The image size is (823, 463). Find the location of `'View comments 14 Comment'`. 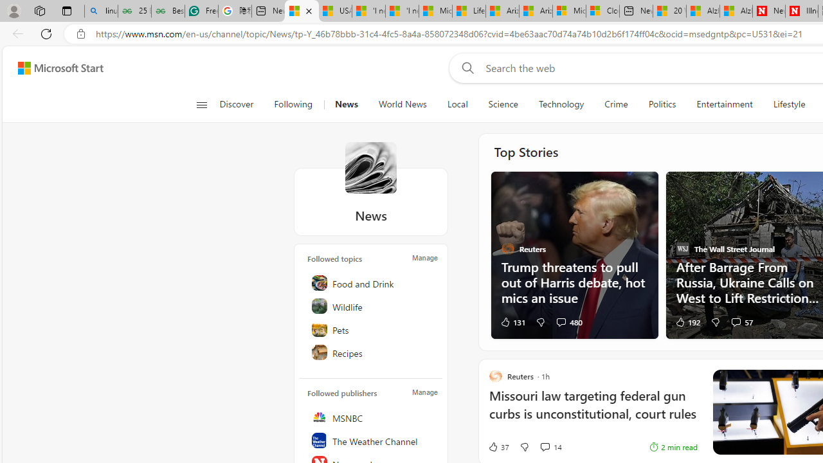

'View comments 14 Comment' is located at coordinates (545, 446).